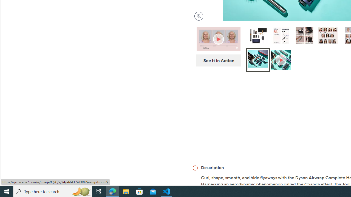 This screenshot has width=351, height=197. Describe the element at coordinates (257, 35) in the screenshot. I see `'Dyson Airwrap Complete with Paddle Brush and Travel Pouch'` at that location.